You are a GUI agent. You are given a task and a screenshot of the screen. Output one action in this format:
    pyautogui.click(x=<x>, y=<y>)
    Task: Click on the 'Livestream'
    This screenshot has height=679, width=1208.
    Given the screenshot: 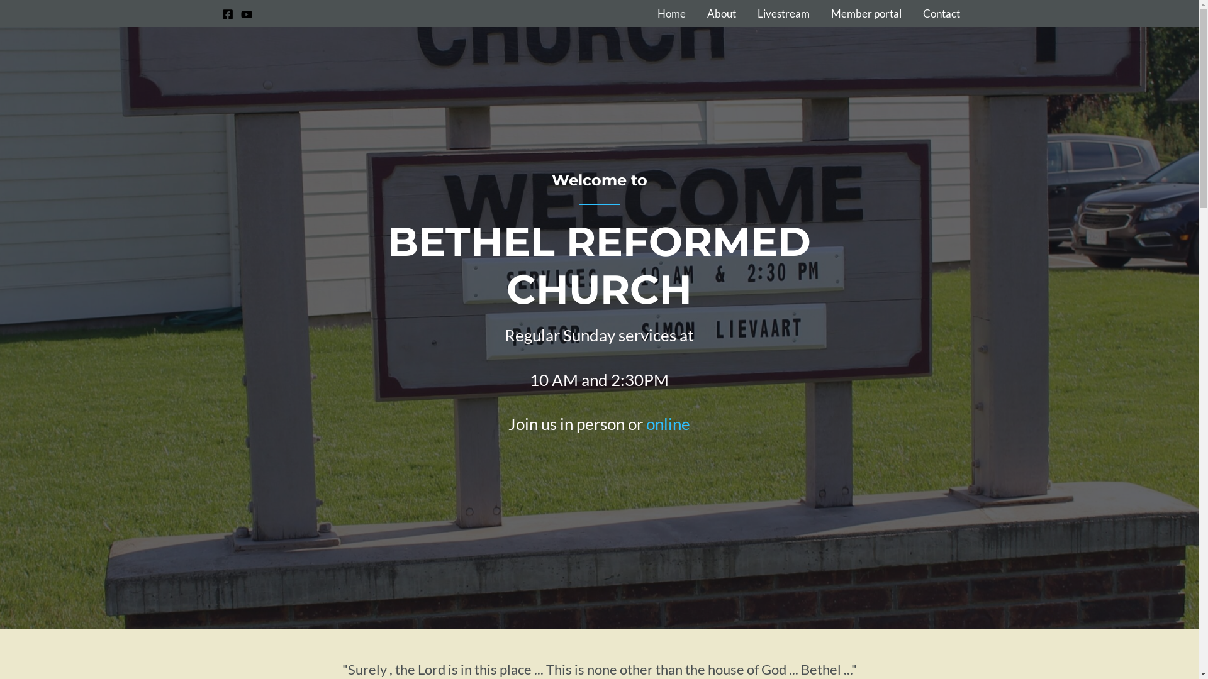 What is the action you would take?
    pyautogui.click(x=782, y=13)
    